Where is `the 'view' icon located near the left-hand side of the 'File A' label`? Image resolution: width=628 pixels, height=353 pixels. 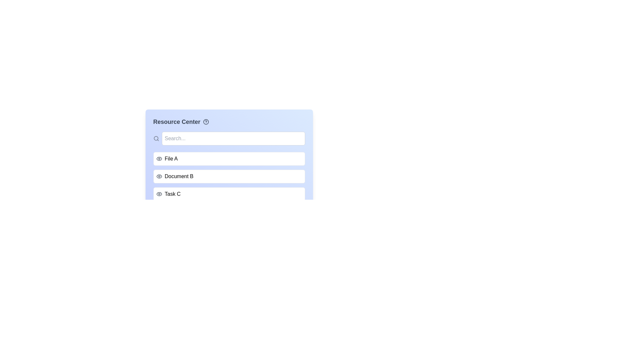 the 'view' icon located near the left-hand side of the 'File A' label is located at coordinates (159, 159).